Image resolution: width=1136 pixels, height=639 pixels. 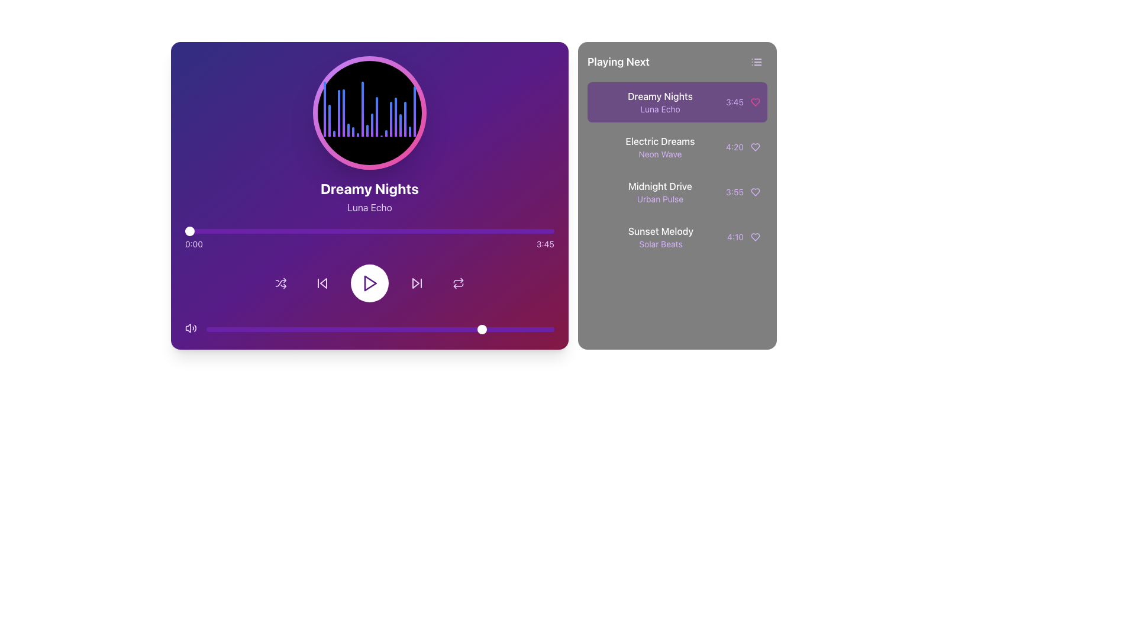 I want to click on the rewind/skip backward button located in the media player interface, so click(x=322, y=283).